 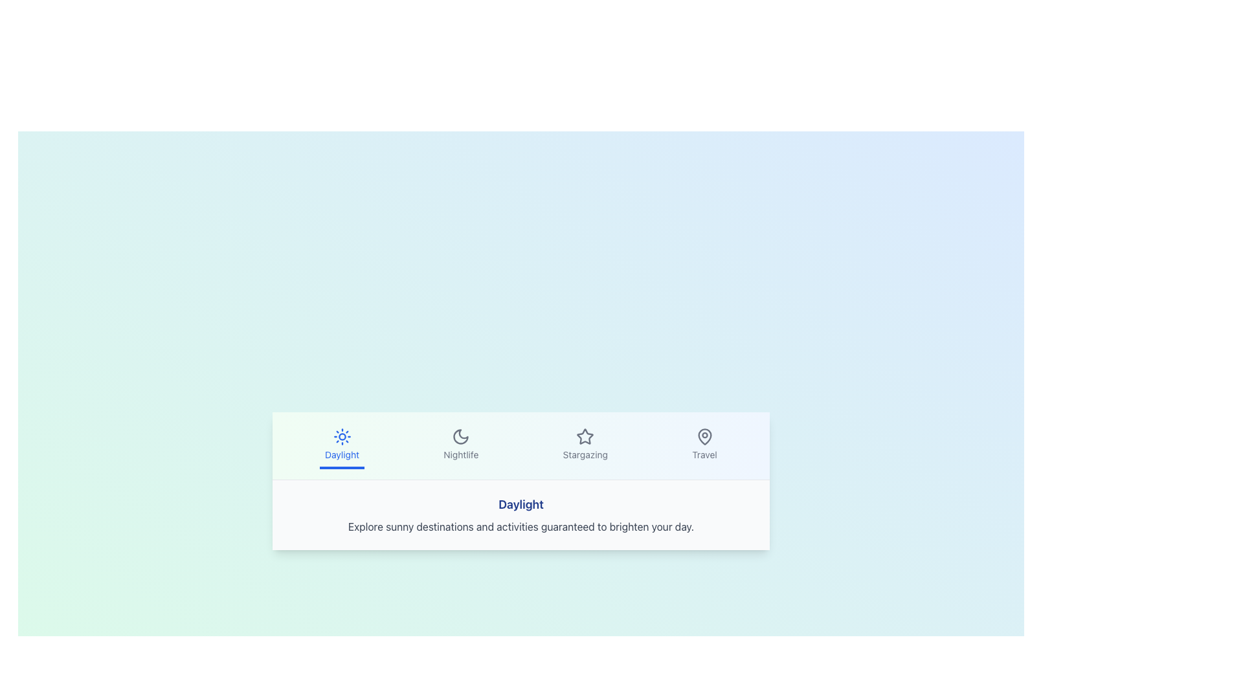 I want to click on the Panel with tabbed navigation and descriptive information area to read the description provided for the selected tab, so click(x=521, y=481).